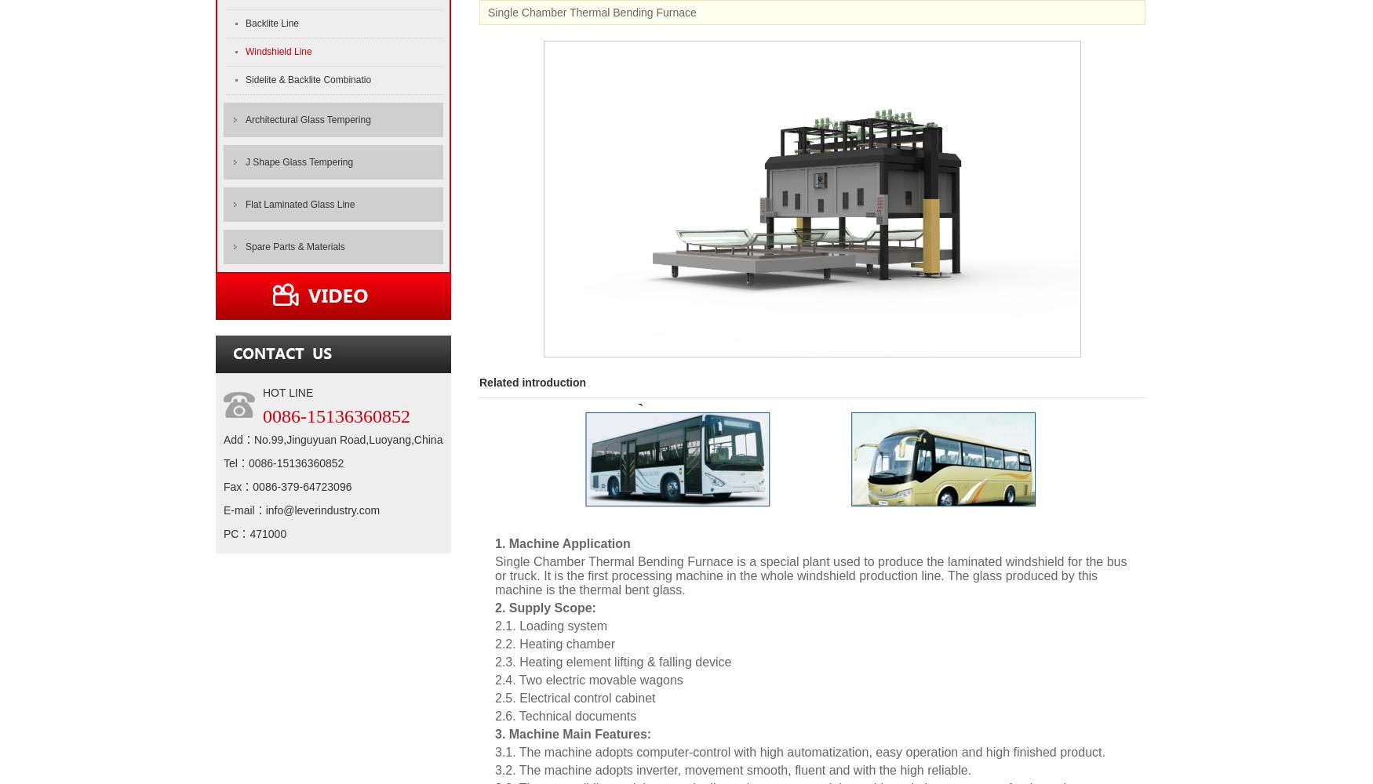 The height and width of the screenshot is (784, 1373). I want to click on '1. Machine
Application', so click(562, 543).